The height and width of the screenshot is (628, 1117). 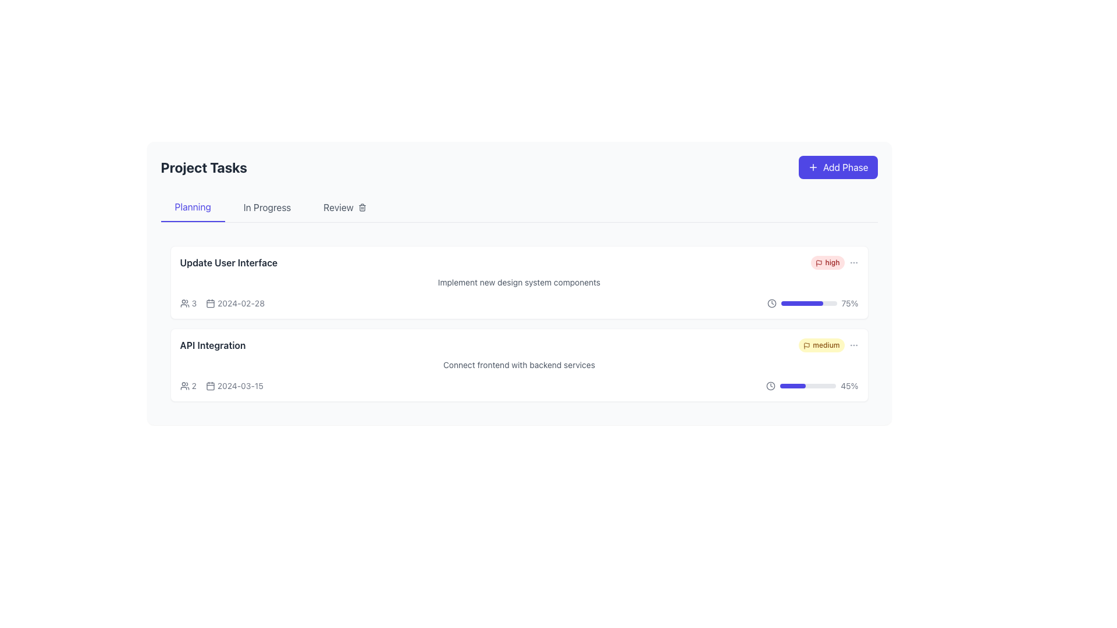 What do you see at coordinates (210, 386) in the screenshot?
I see `the calendar icon located to the left of the date '2024-03-15' in the task labeled 'API Integration' for more details about the date or task` at bounding box center [210, 386].